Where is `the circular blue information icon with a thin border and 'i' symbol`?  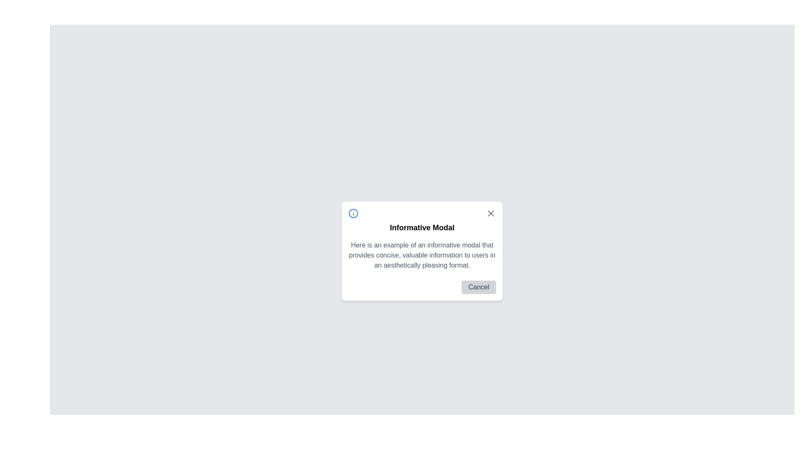 the circular blue information icon with a thin border and 'i' symbol is located at coordinates (353, 213).